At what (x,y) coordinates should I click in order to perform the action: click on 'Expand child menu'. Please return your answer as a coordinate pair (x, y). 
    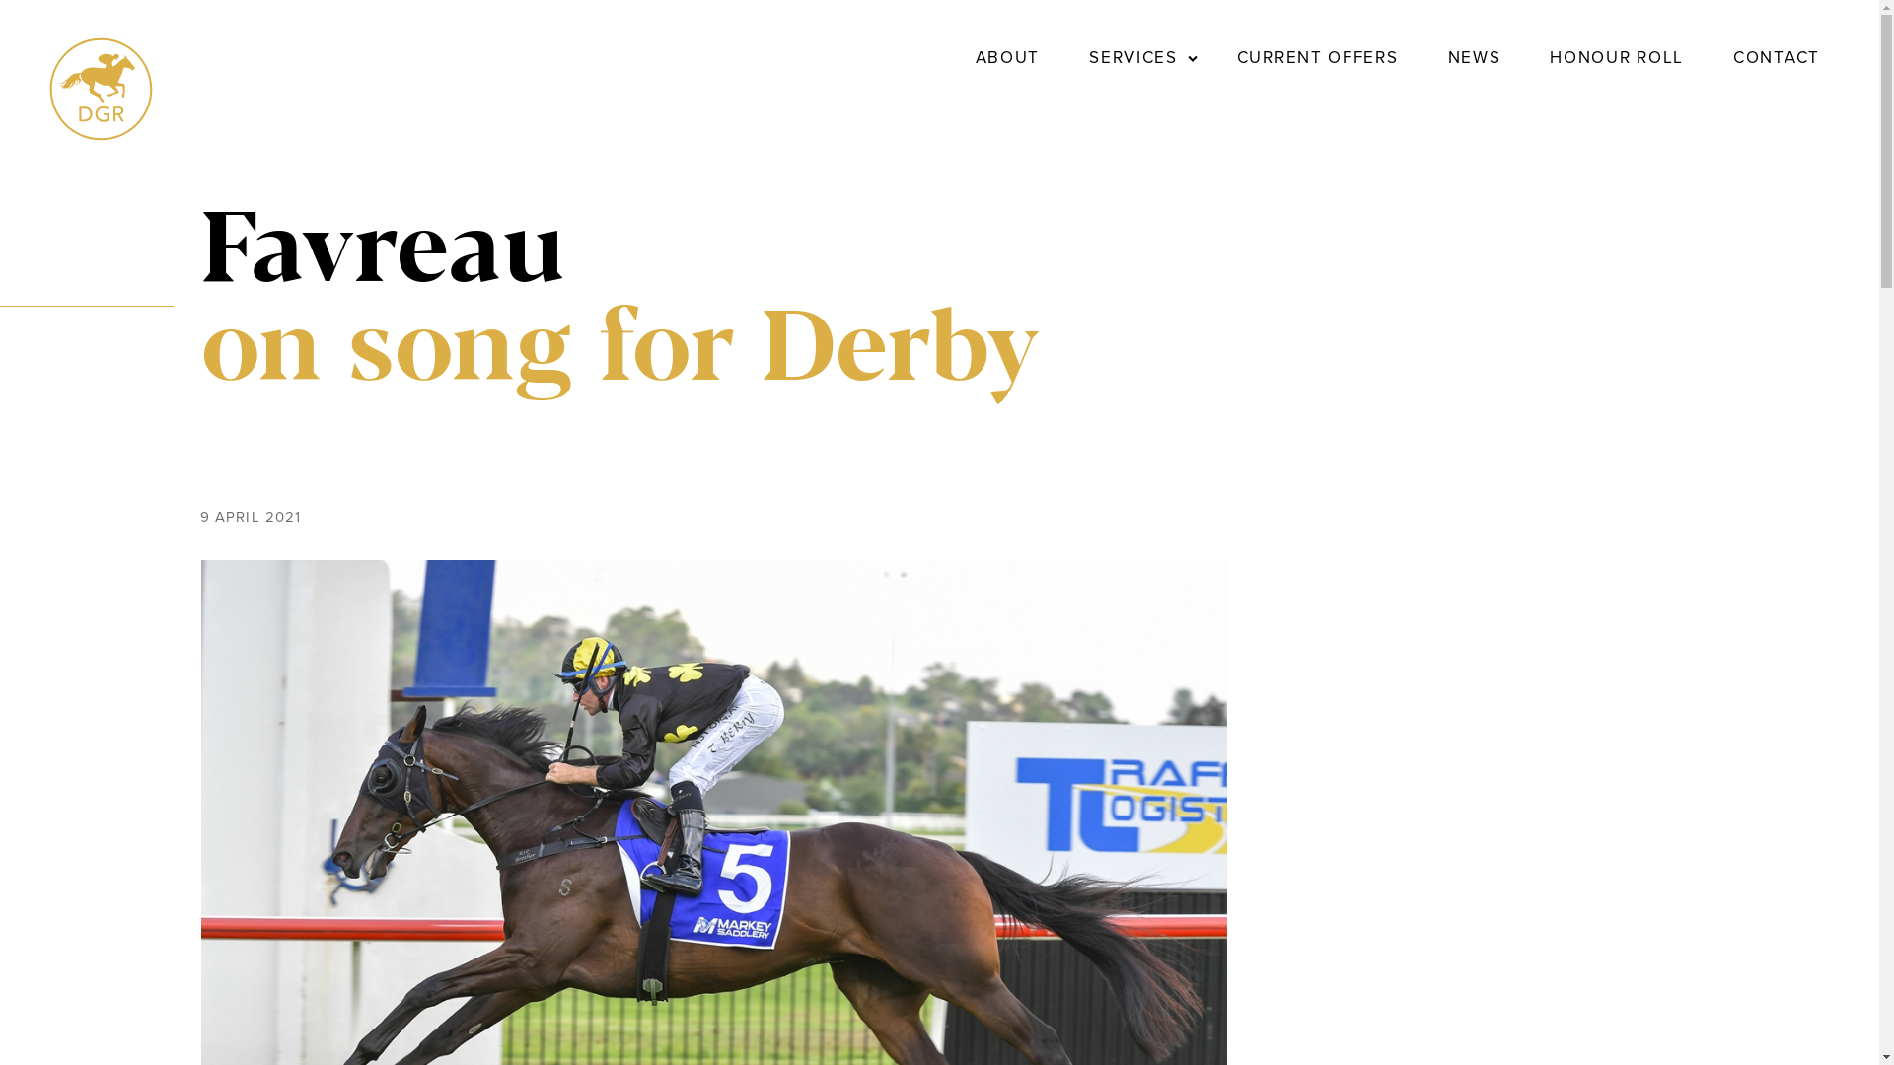
    Looking at the image, I should click on (1192, 56).